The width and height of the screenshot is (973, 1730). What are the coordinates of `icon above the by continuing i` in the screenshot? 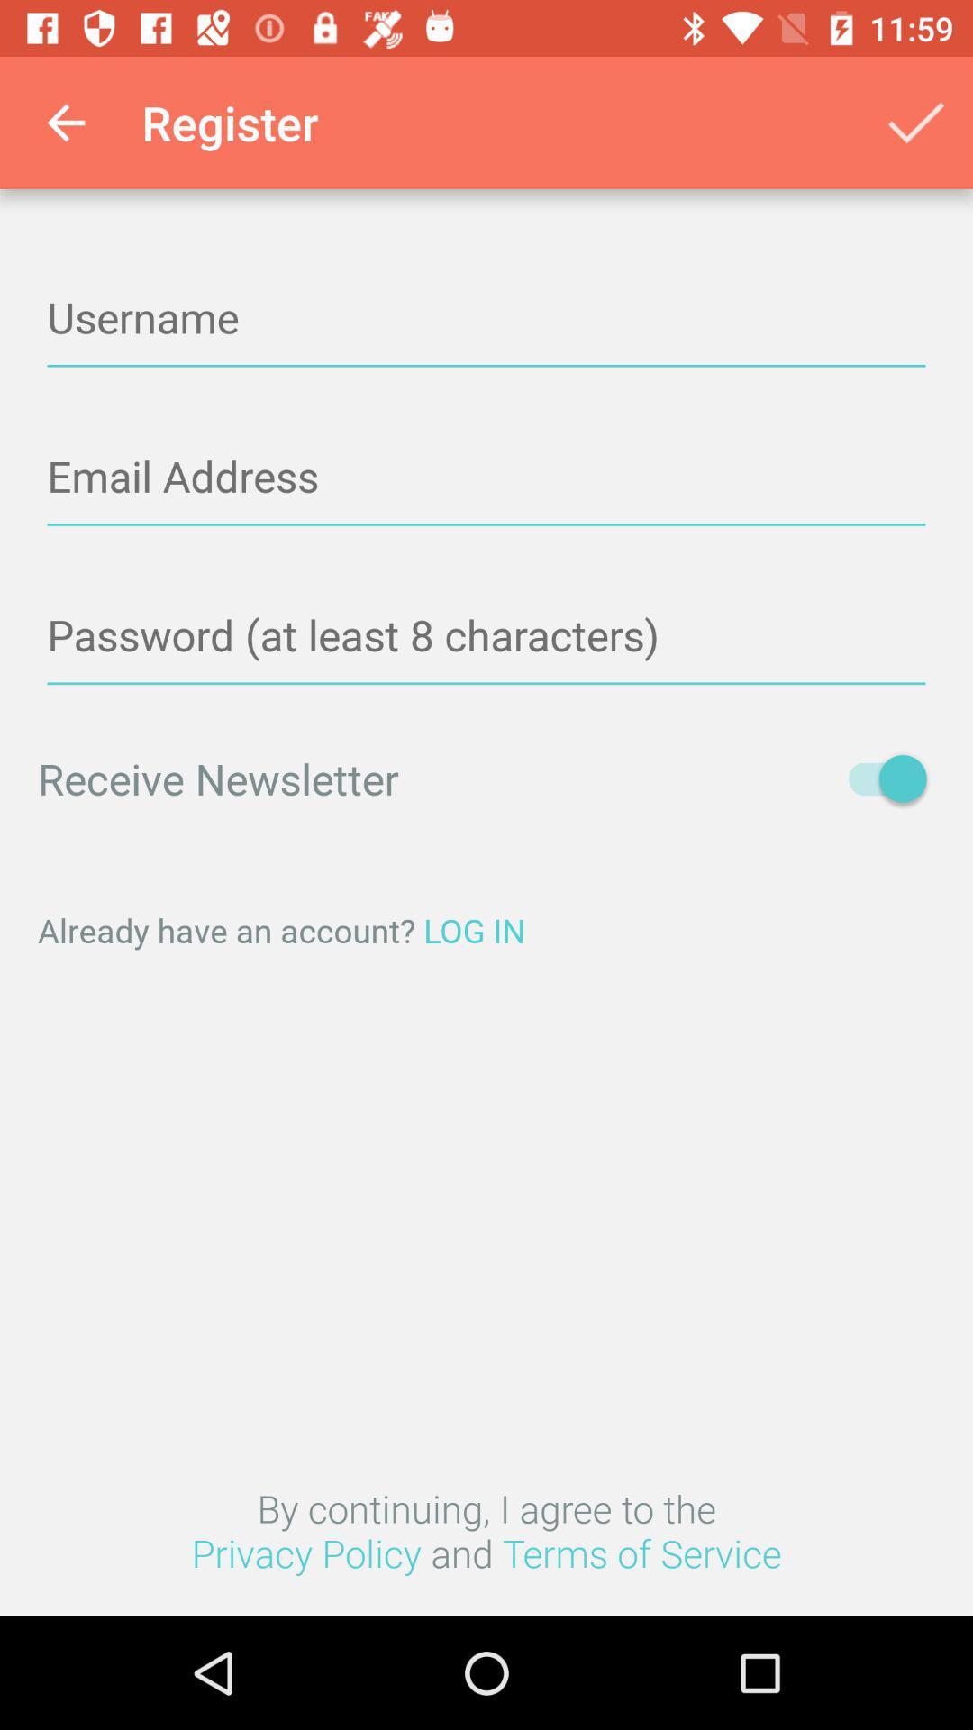 It's located at (486, 930).